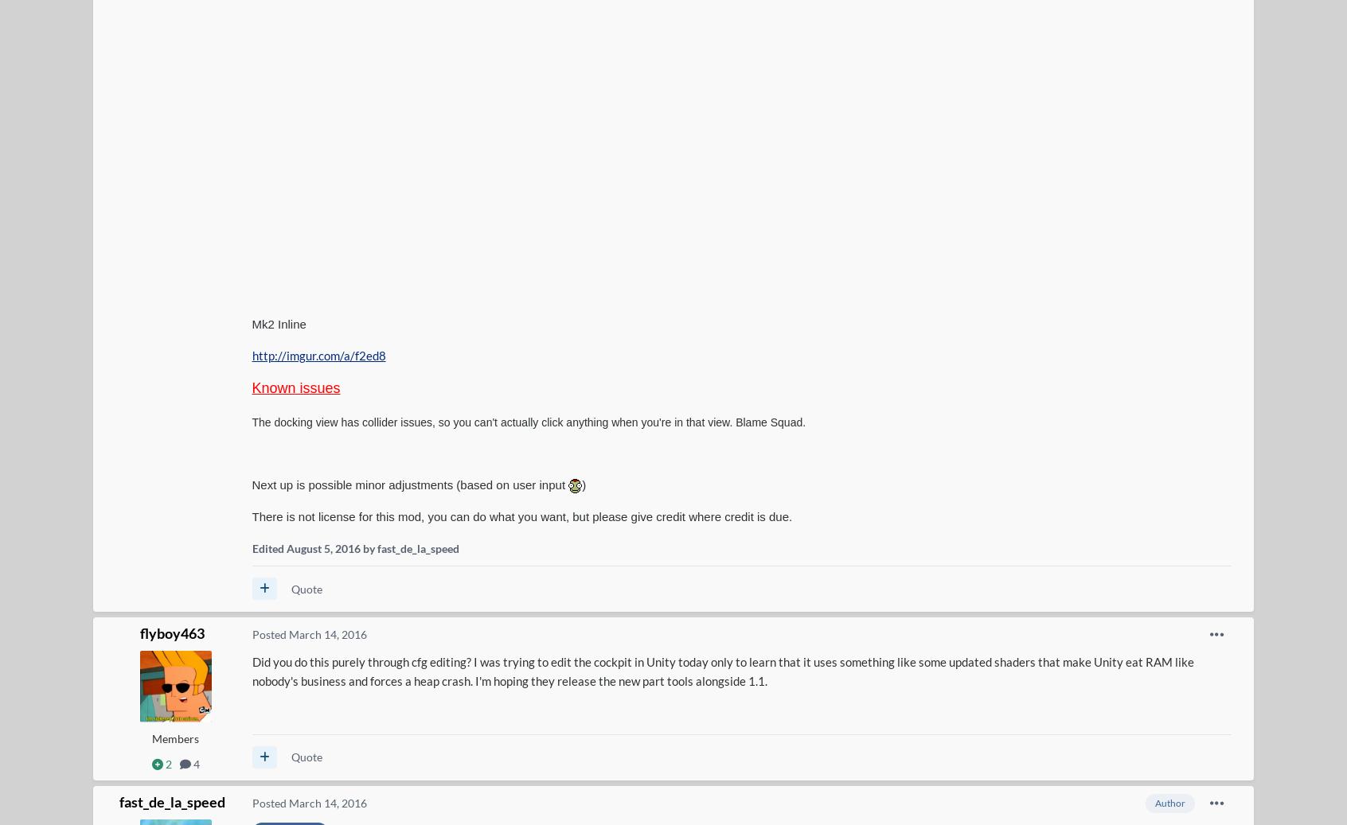 The image size is (1347, 825). What do you see at coordinates (295, 387) in the screenshot?
I see `'Known issues'` at bounding box center [295, 387].